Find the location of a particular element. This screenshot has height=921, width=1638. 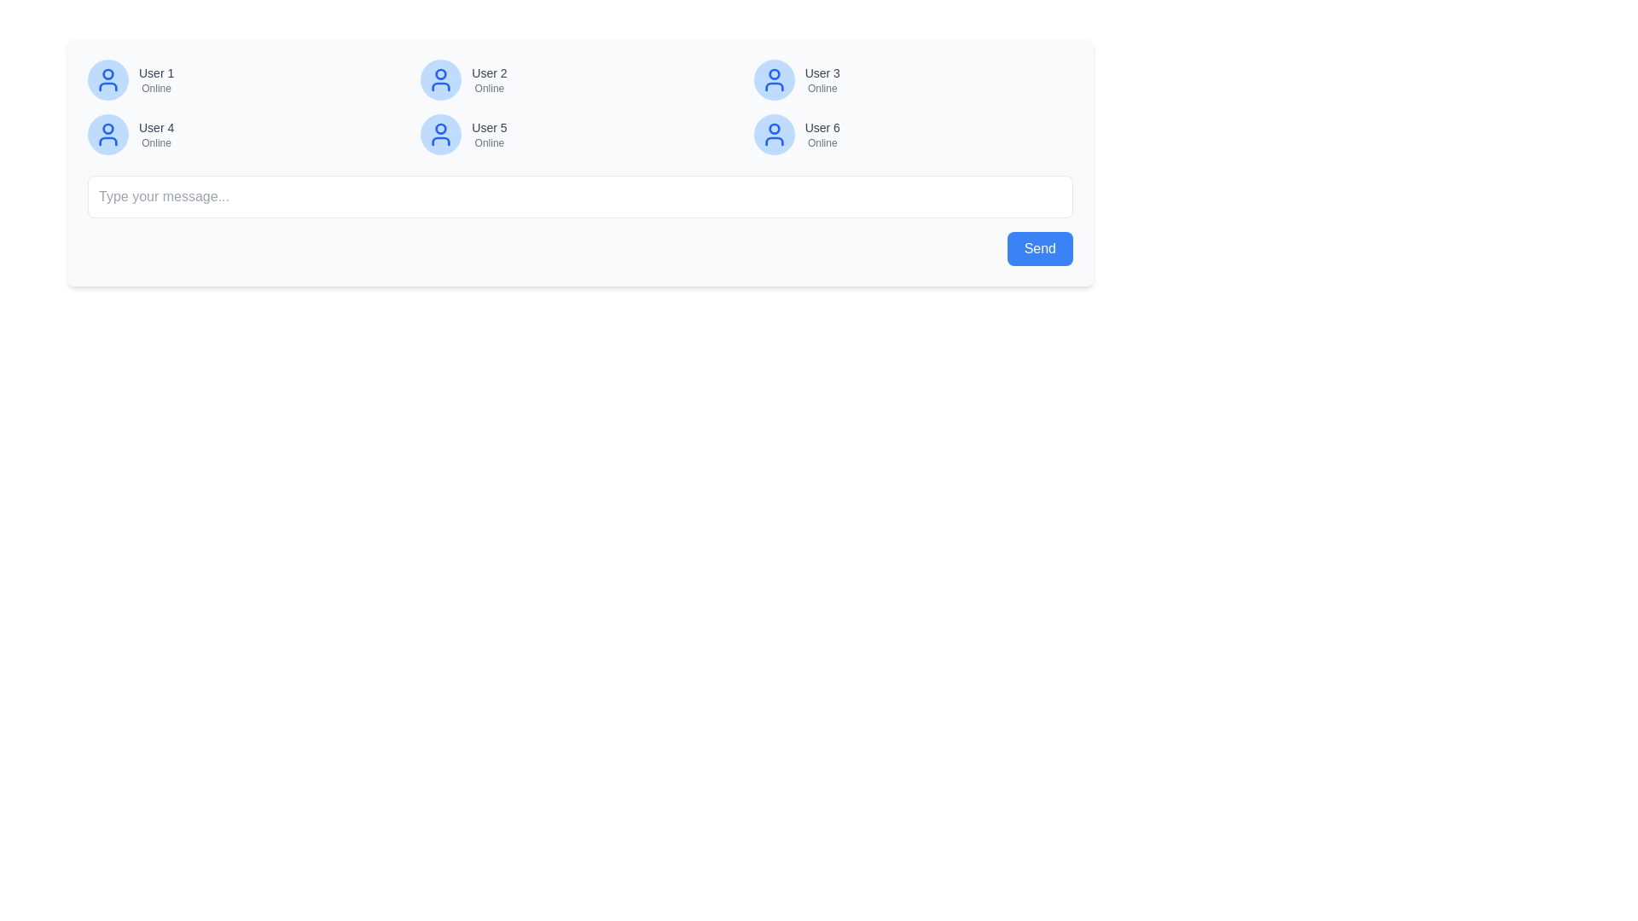

the text element displaying the username 'User 2', which is part of a user information card in the upper row of the interface is located at coordinates (488, 72).